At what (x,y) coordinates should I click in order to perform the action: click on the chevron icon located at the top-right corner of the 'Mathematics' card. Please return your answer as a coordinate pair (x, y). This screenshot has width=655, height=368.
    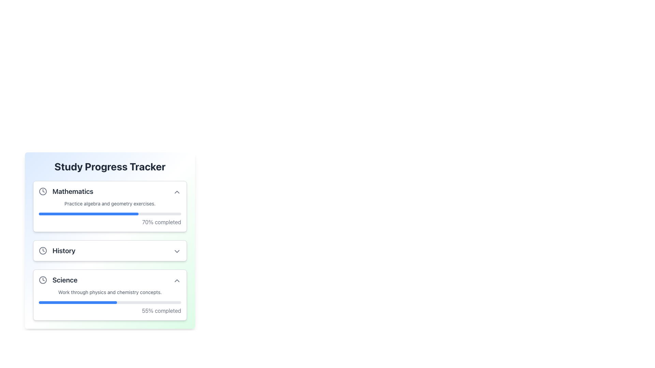
    Looking at the image, I should click on (177, 192).